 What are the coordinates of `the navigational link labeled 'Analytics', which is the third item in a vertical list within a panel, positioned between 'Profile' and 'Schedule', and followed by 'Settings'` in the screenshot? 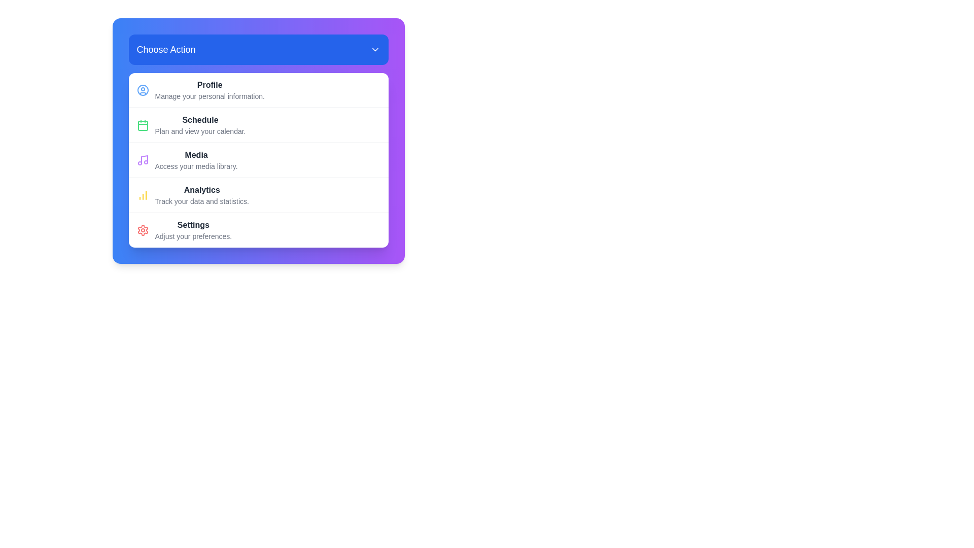 It's located at (202, 195).